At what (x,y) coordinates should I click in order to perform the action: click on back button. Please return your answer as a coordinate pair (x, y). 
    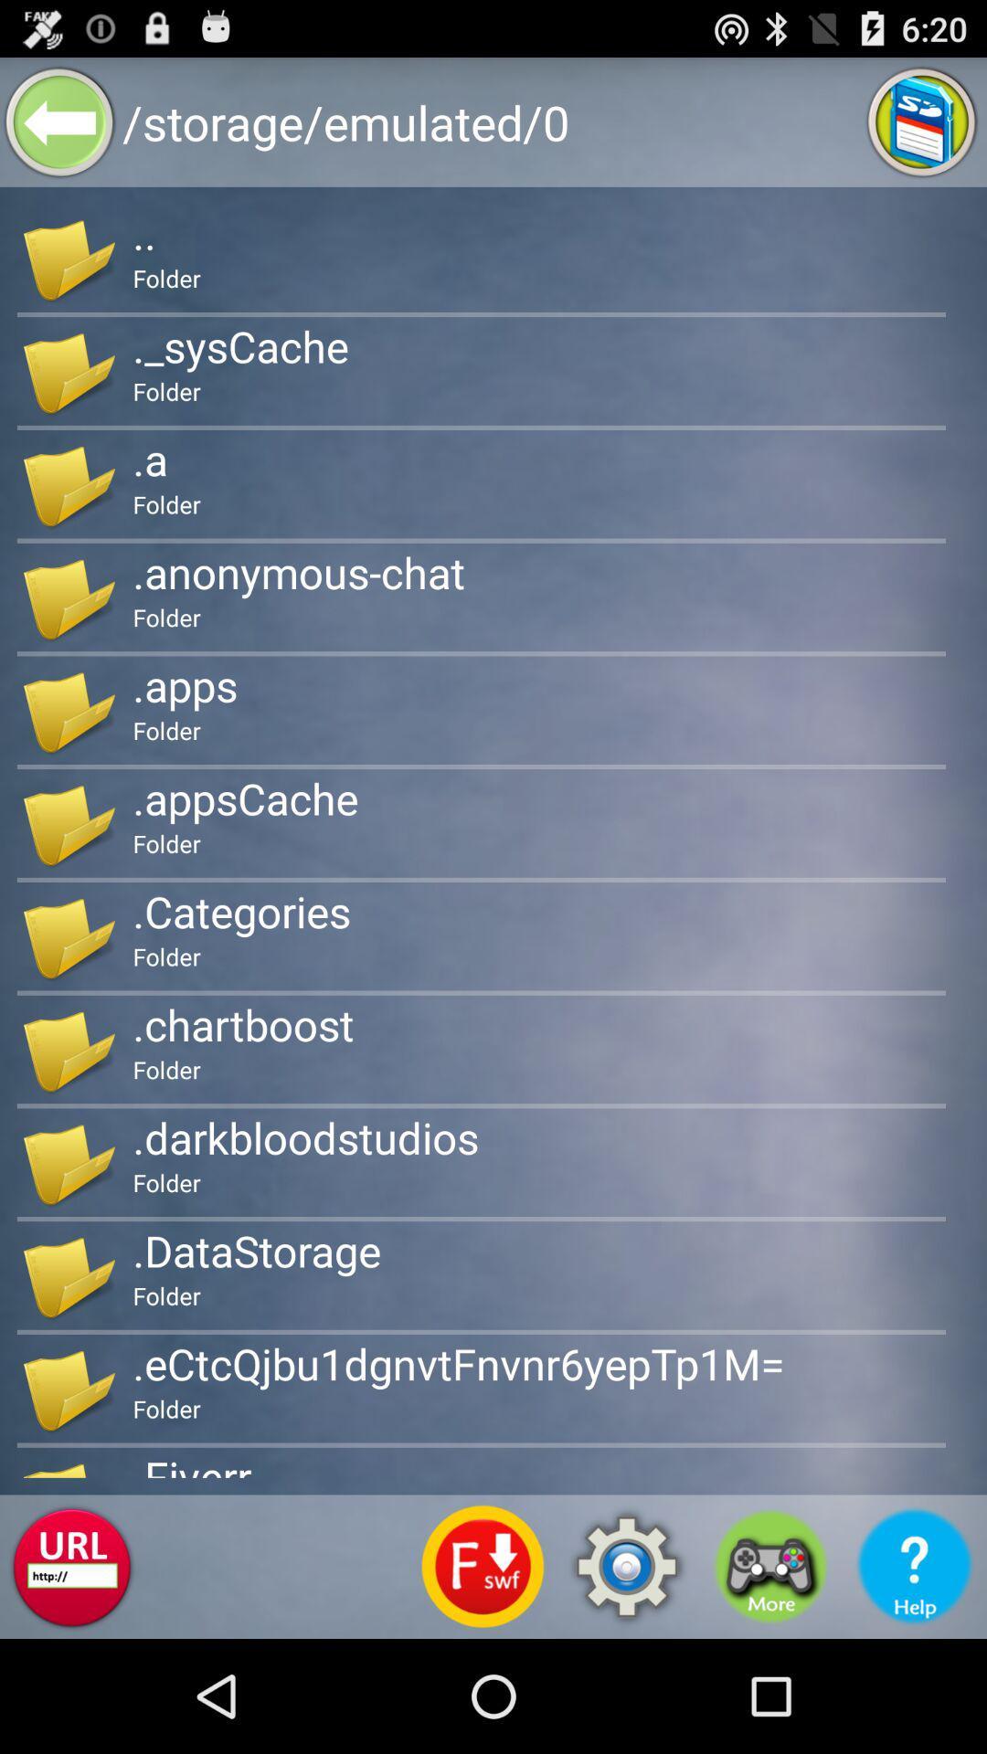
    Looking at the image, I should click on (58, 121).